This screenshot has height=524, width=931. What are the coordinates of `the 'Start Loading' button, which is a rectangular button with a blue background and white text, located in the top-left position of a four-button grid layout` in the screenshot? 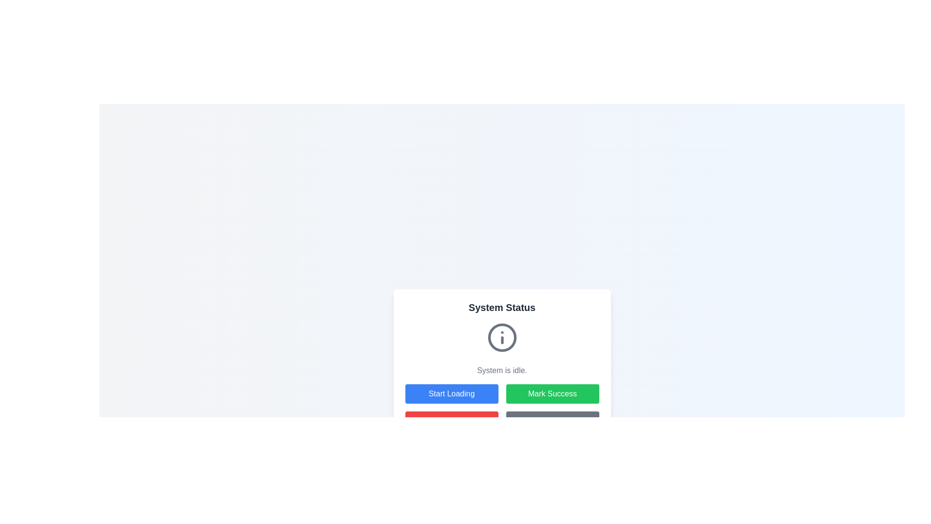 It's located at (451, 394).